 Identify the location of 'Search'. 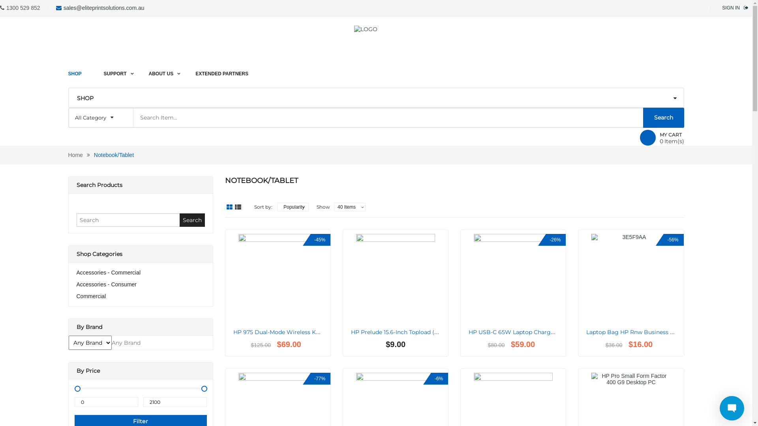
(179, 220).